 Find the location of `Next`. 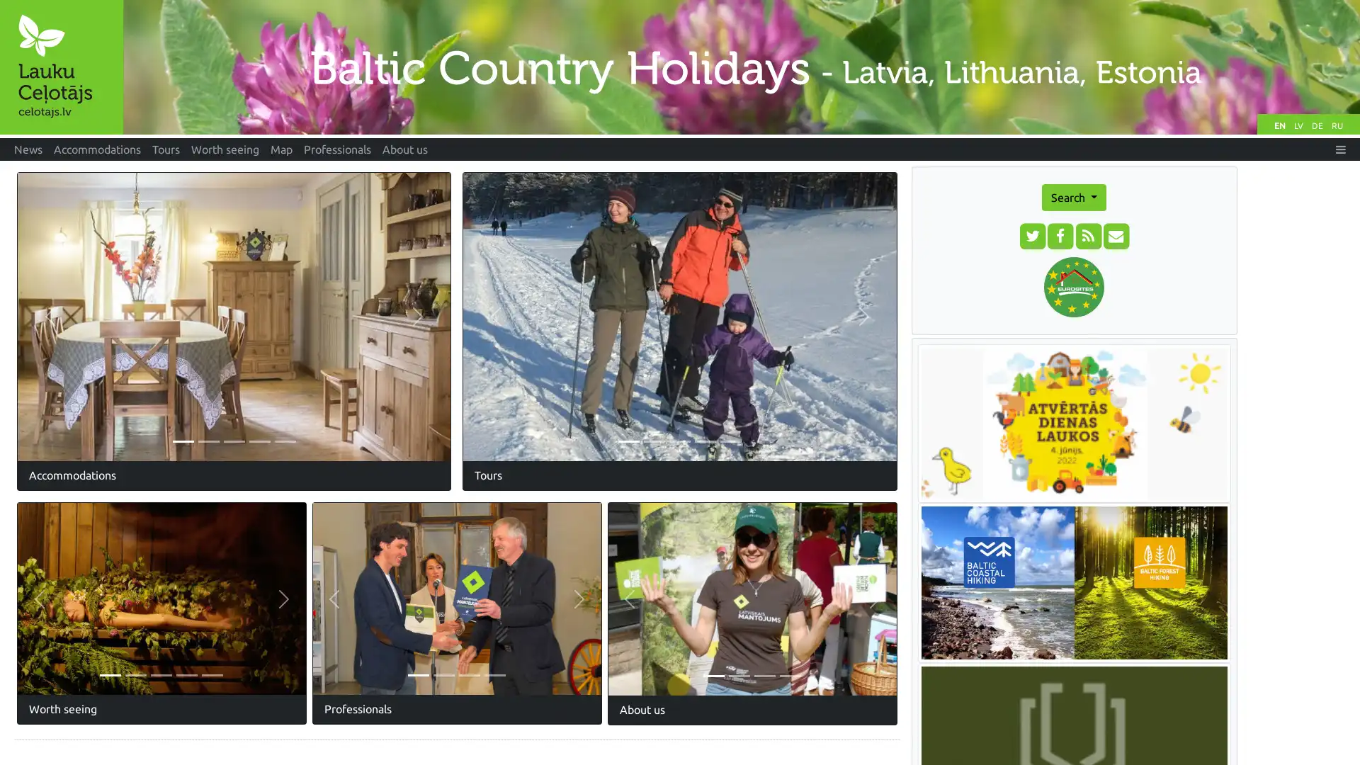

Next is located at coordinates (873, 599).